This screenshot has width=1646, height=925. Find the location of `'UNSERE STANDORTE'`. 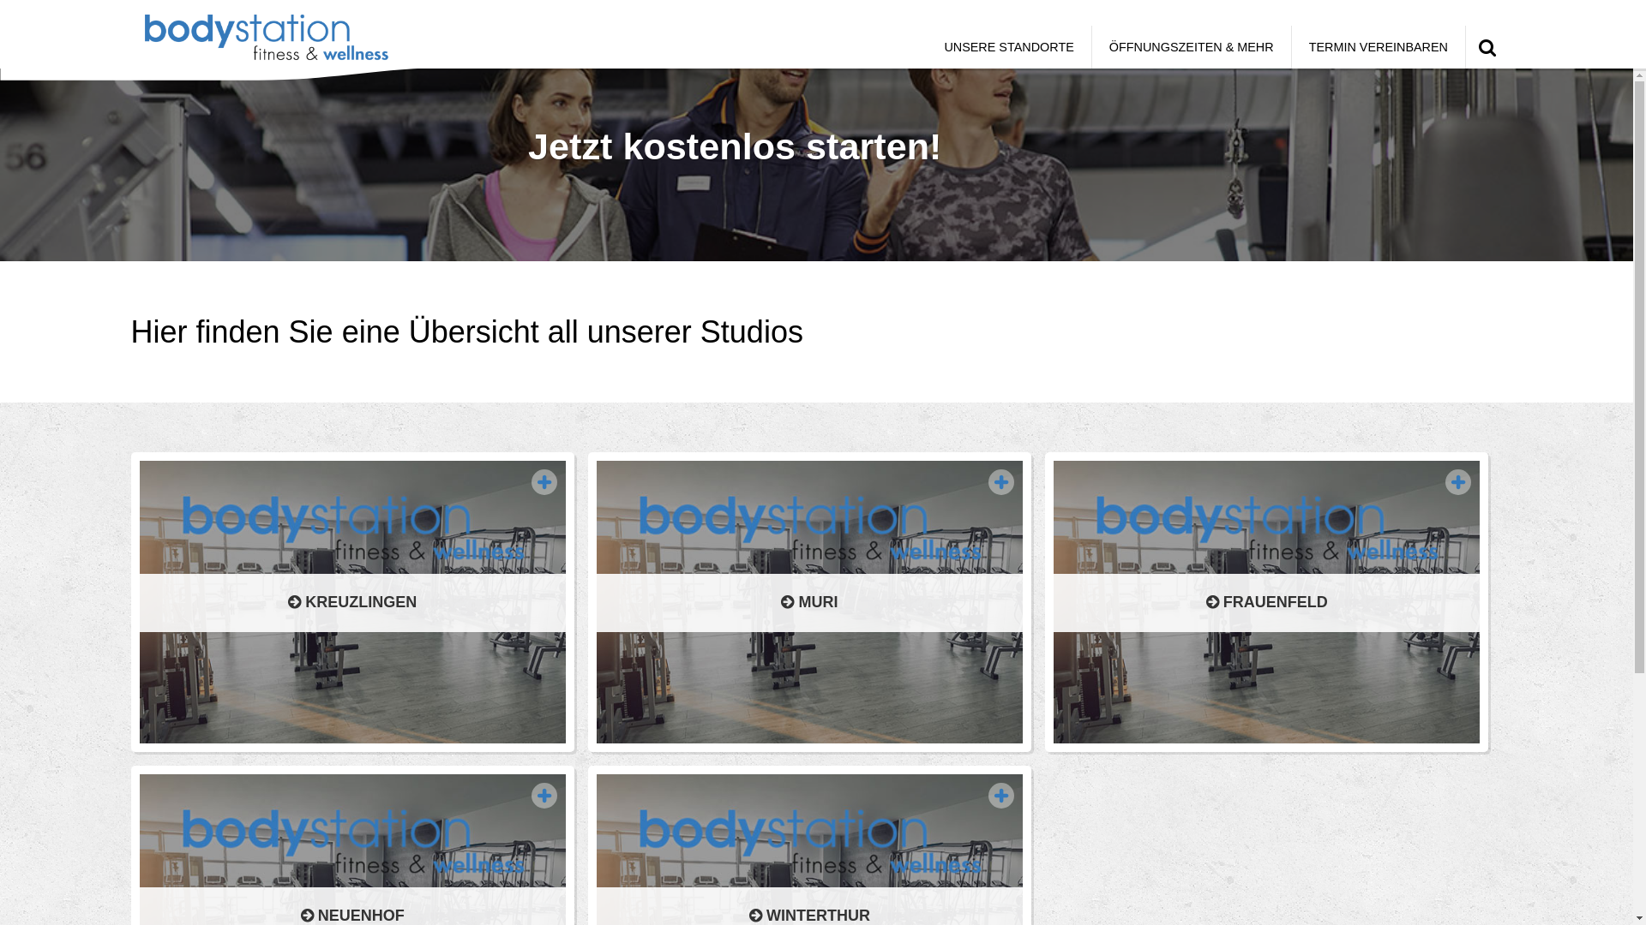

'UNSERE STANDORTE' is located at coordinates (1008, 45).